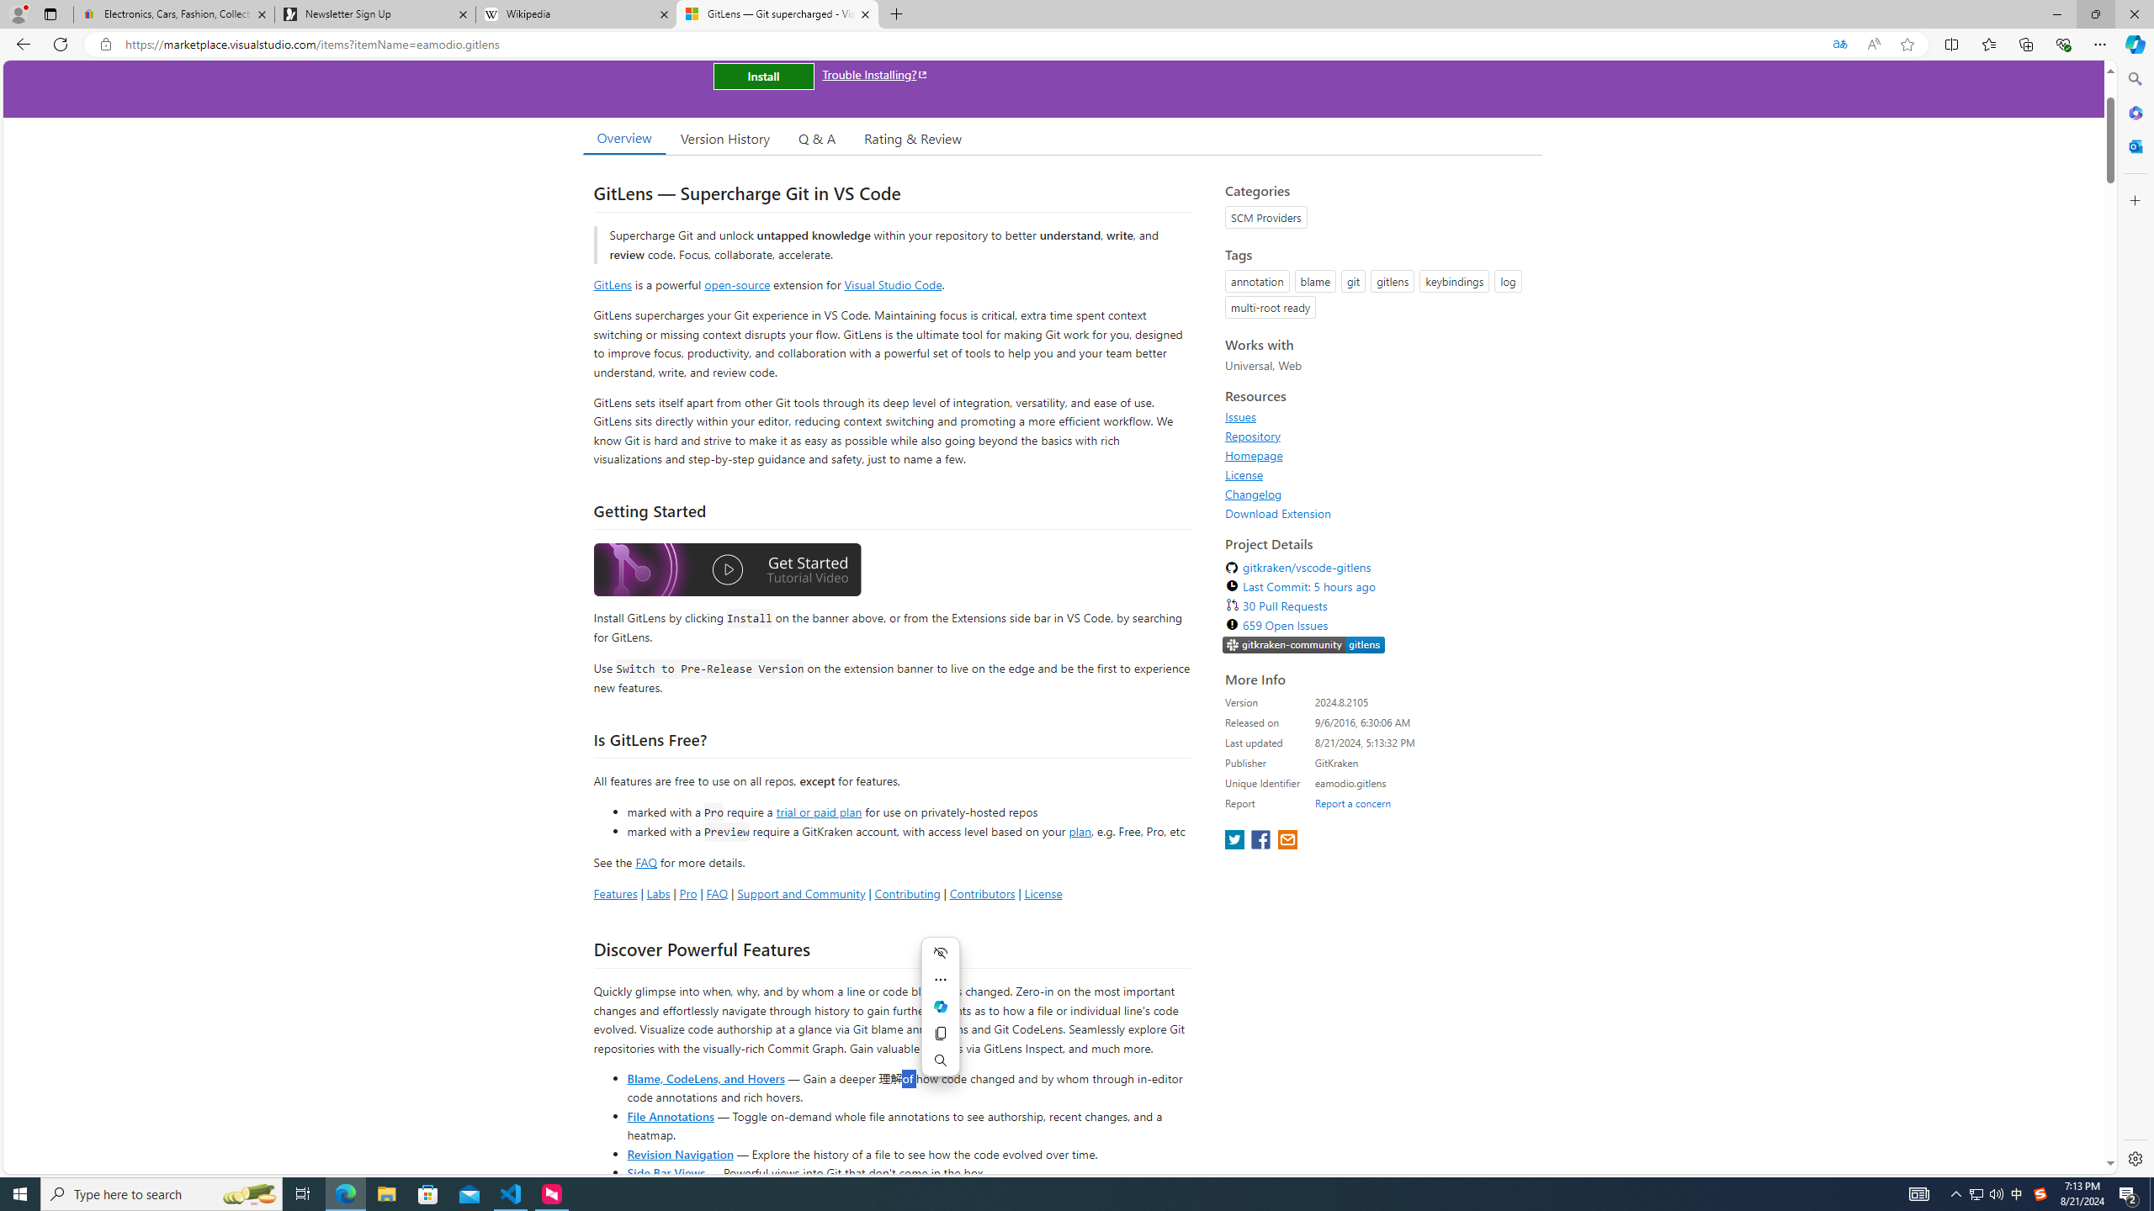  I want to click on 'Changelog', so click(1252, 493).